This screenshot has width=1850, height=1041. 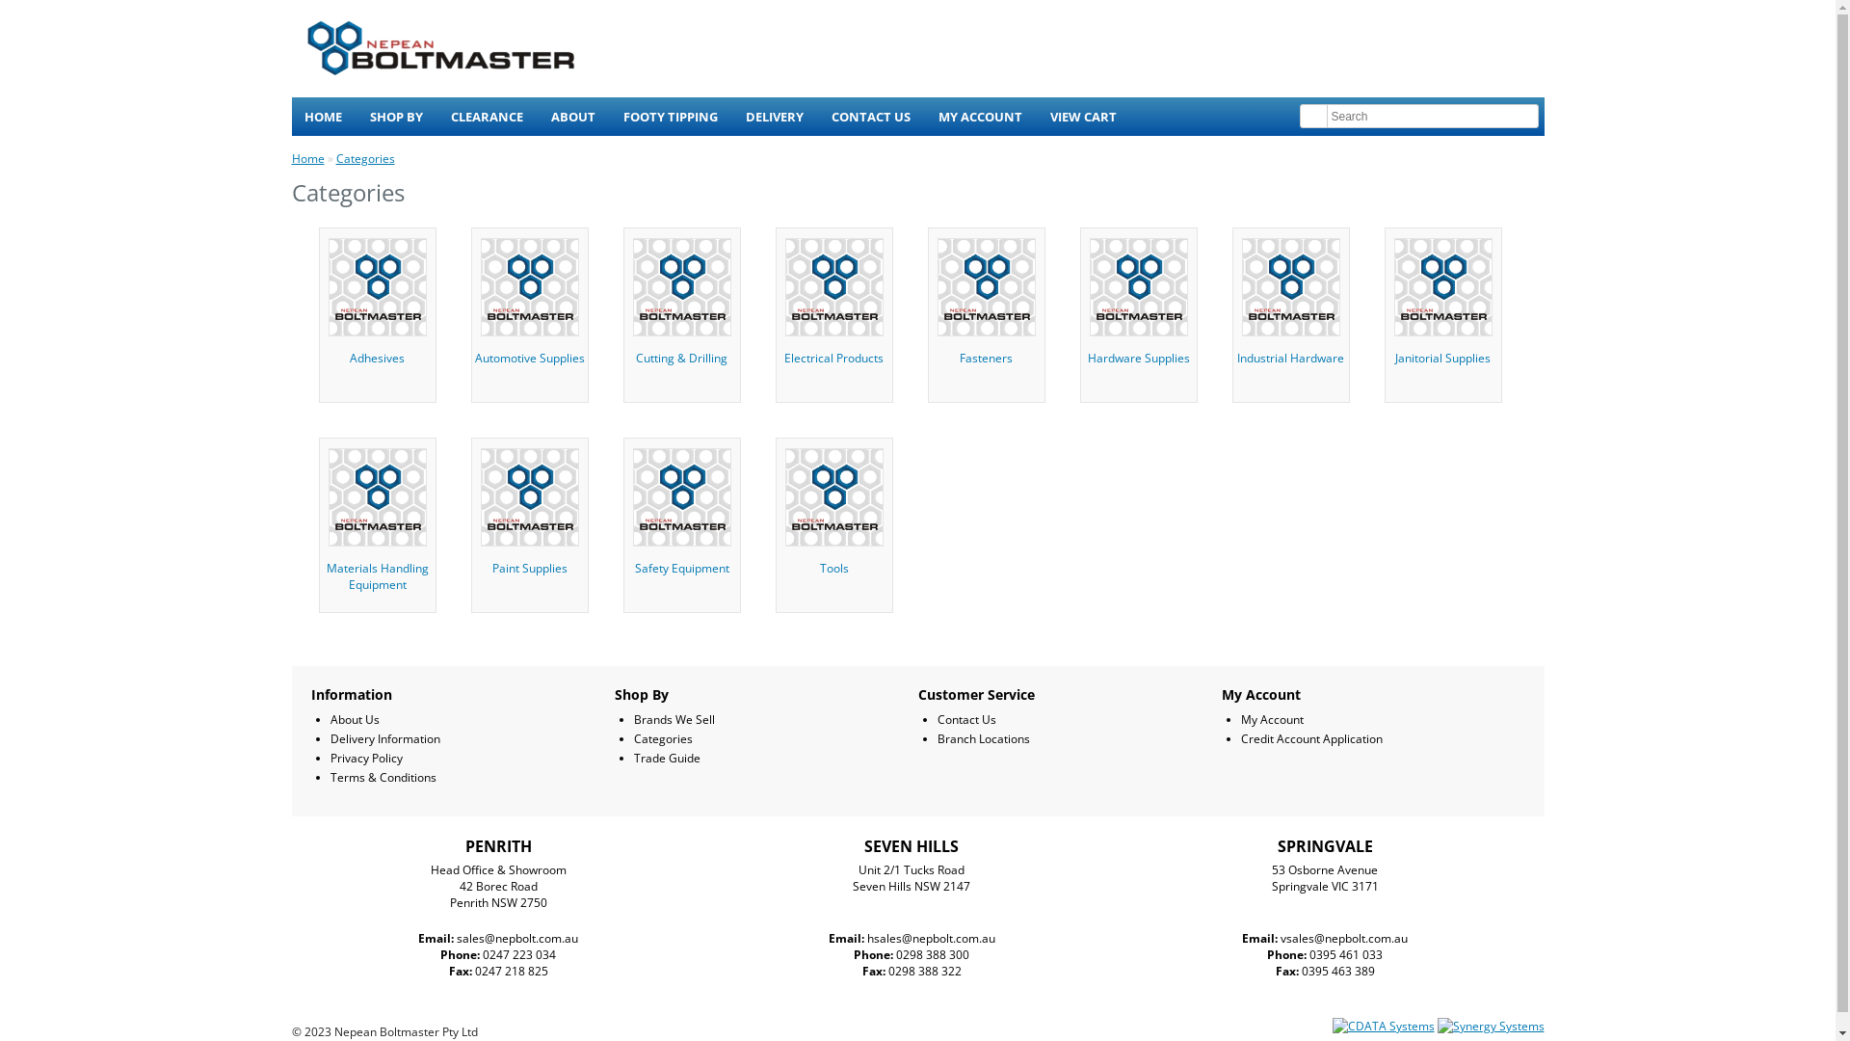 I want to click on 'SHOP BY', so click(x=394, y=116).